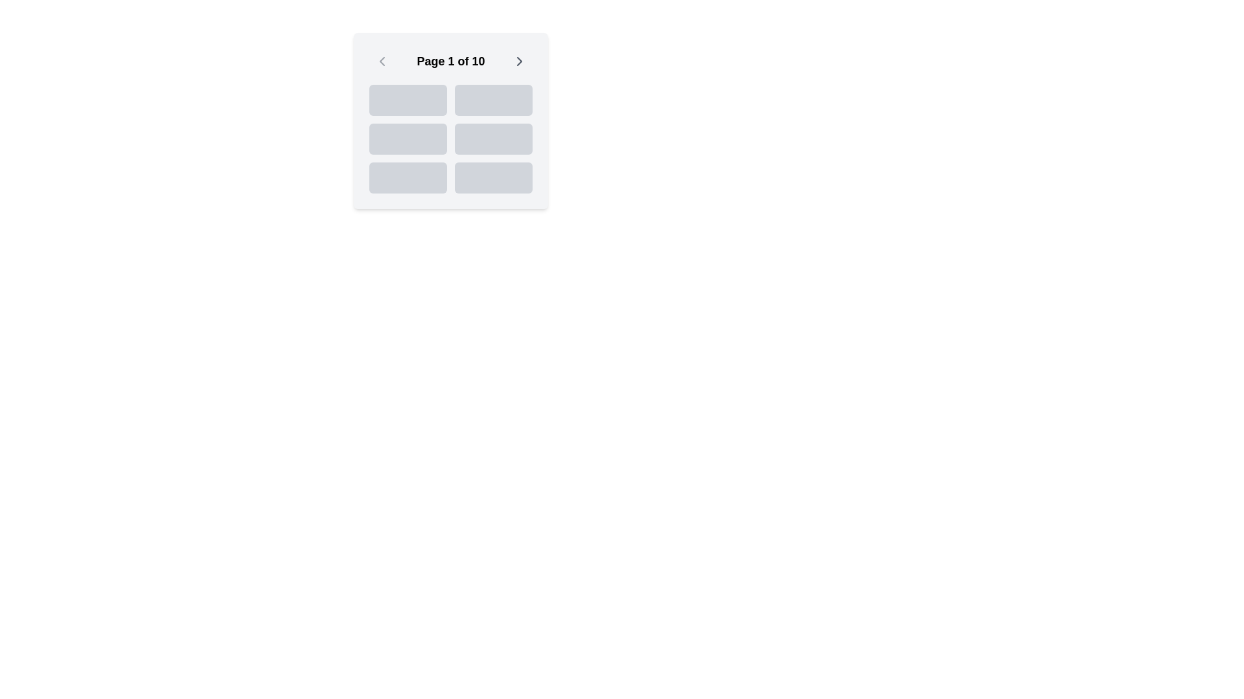 This screenshot has height=699, width=1244. What do you see at coordinates (382, 61) in the screenshot?
I see `the leftward-pointing chevron icon, which is a minimalistic arrow located at the top-left corner of the interface` at bounding box center [382, 61].